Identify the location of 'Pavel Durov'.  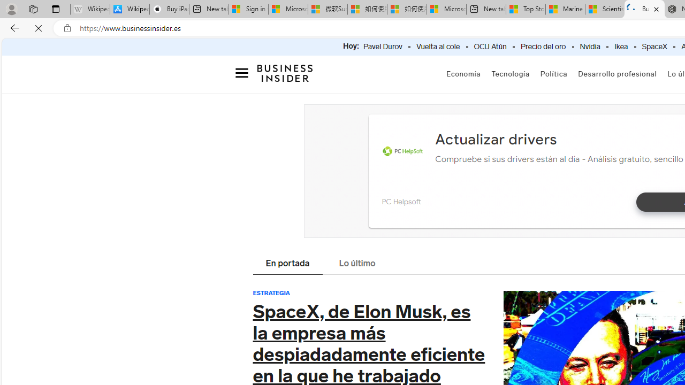
(383, 47).